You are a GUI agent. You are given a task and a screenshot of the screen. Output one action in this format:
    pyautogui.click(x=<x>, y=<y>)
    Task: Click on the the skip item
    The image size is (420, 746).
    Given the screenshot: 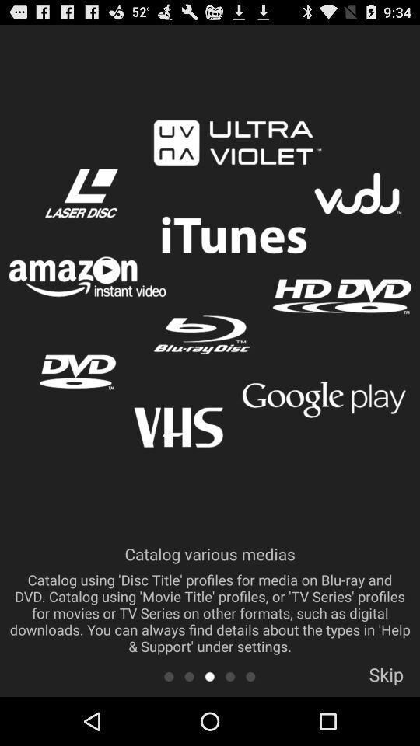 What is the action you would take?
    pyautogui.click(x=385, y=678)
    